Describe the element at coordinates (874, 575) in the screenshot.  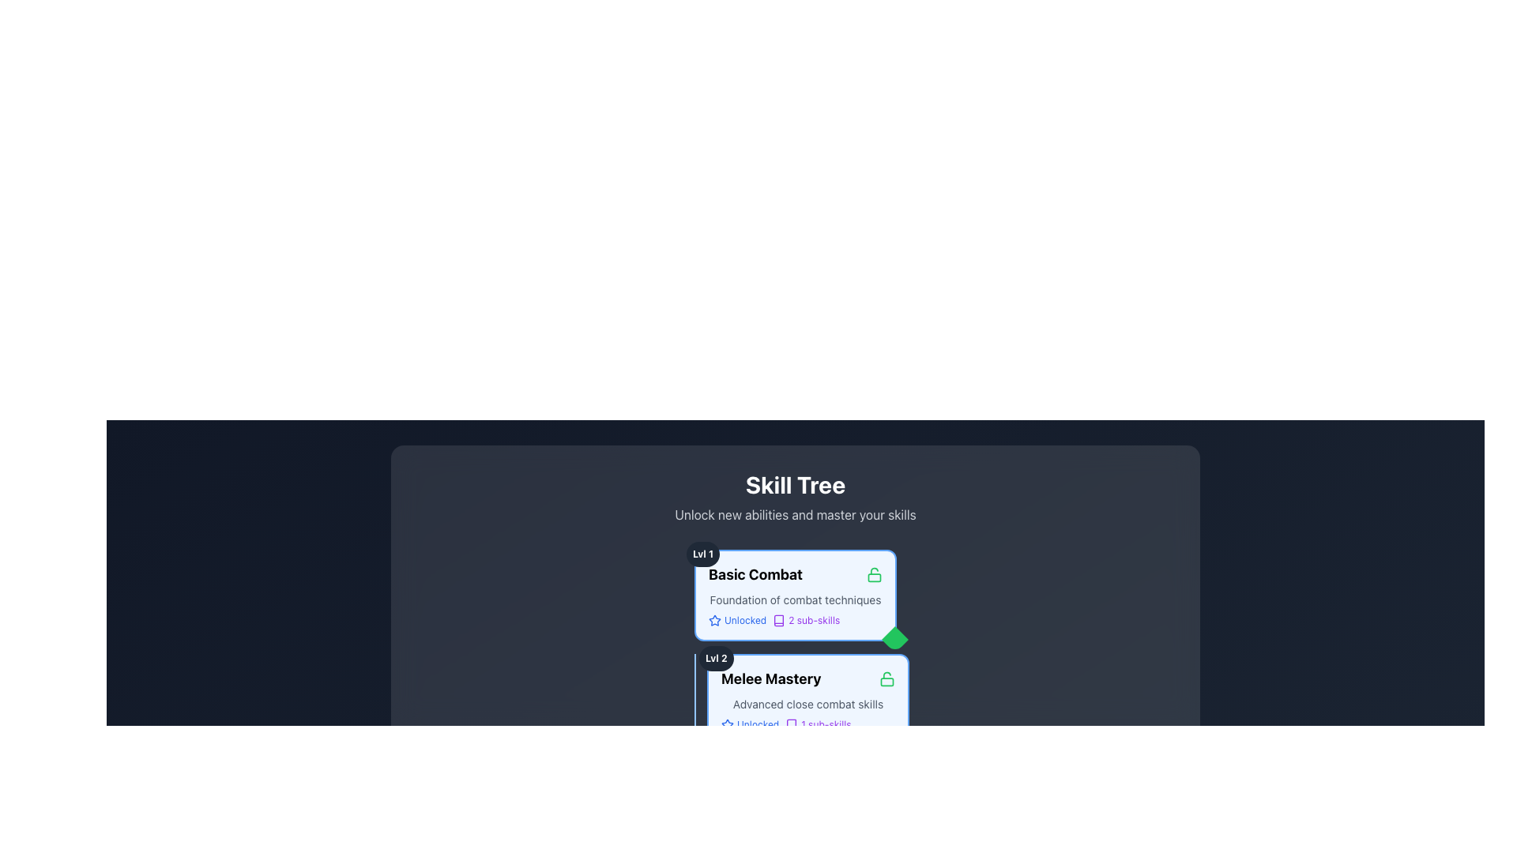
I see `the icon indicating that the 'Basic Combat' skill is unlocked, located to the right of the 'Basic Combat' label in the Skill Tree interface` at that location.